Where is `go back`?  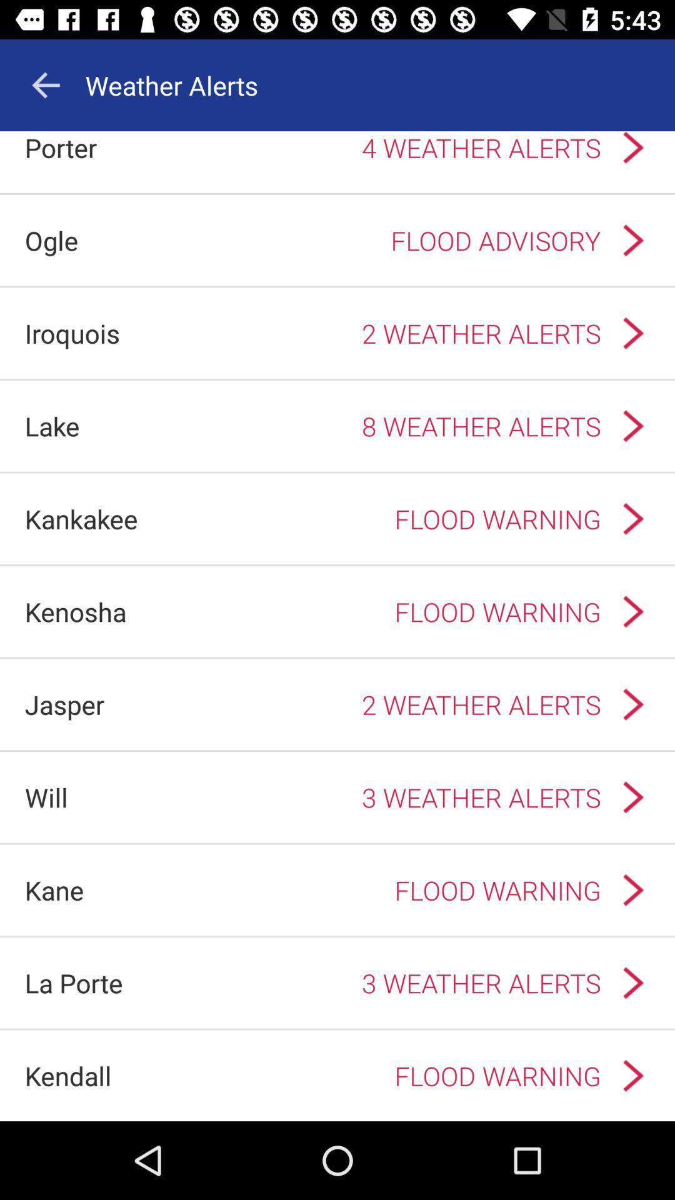
go back is located at coordinates (45, 84).